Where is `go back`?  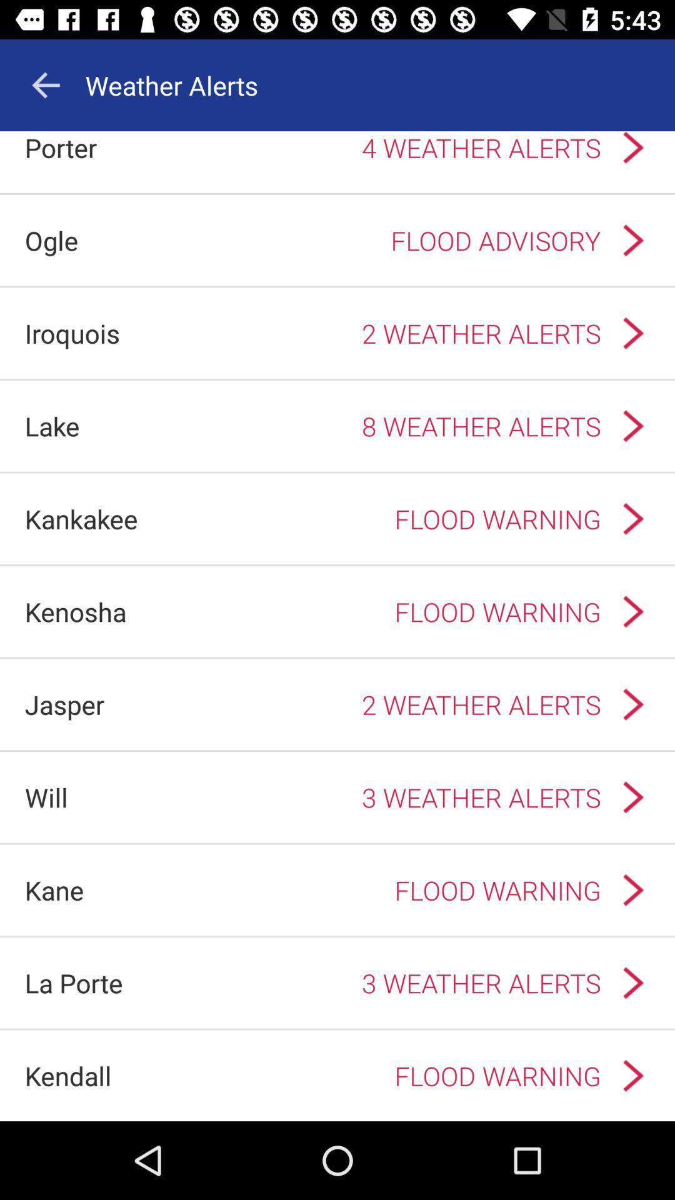
go back is located at coordinates (45, 84).